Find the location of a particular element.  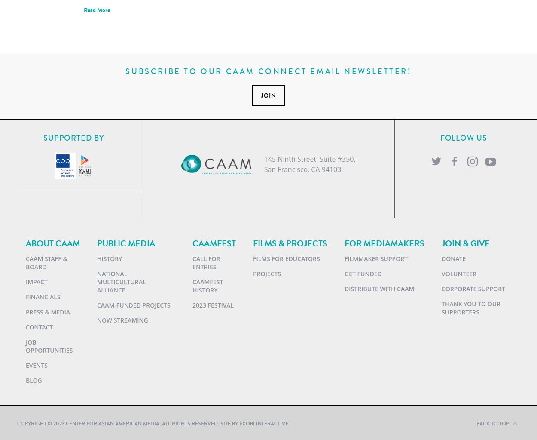

'Follow Us' is located at coordinates (440, 138).